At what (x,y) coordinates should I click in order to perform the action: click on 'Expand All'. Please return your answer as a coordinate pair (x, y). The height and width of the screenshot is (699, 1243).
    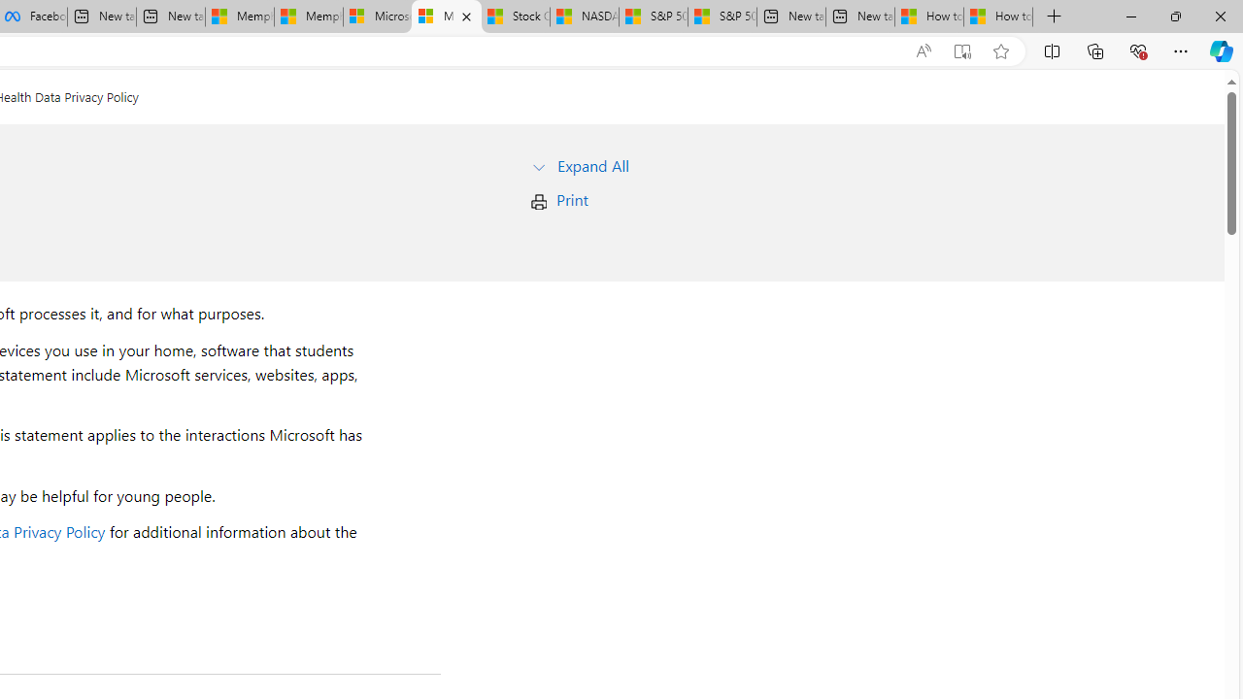
    Looking at the image, I should click on (592, 164).